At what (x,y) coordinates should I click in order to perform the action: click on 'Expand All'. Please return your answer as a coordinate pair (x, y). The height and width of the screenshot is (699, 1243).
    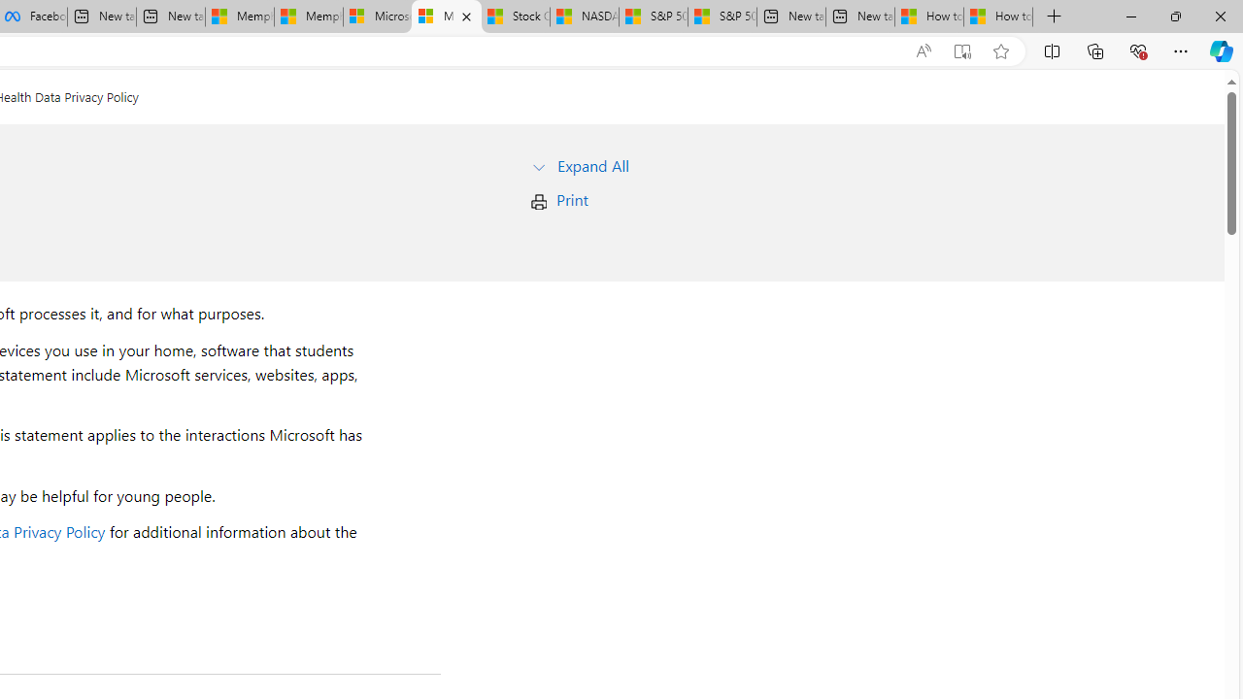
    Looking at the image, I should click on (592, 164).